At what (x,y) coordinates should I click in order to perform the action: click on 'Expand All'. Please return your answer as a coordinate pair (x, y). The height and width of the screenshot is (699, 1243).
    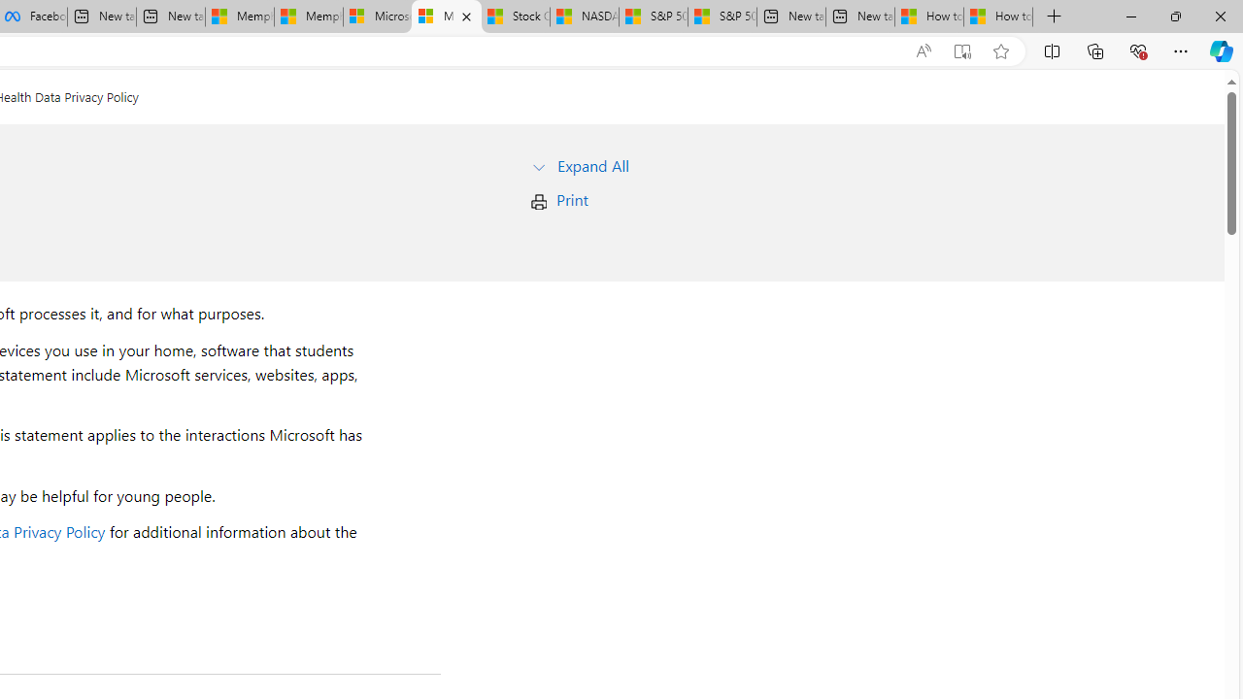
    Looking at the image, I should click on (592, 164).